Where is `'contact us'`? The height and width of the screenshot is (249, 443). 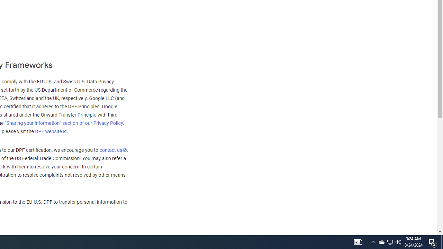 'contact us' is located at coordinates (113, 149).